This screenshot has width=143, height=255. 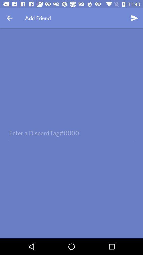 What do you see at coordinates (10, 18) in the screenshot?
I see `the icon next to add friend icon` at bounding box center [10, 18].